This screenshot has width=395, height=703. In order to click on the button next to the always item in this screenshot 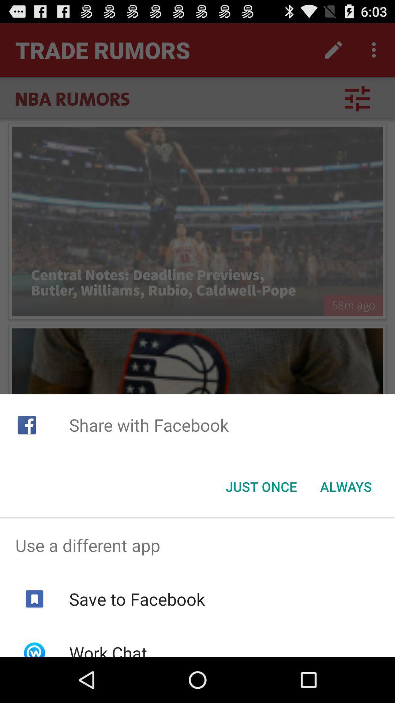, I will do `click(261, 487)`.